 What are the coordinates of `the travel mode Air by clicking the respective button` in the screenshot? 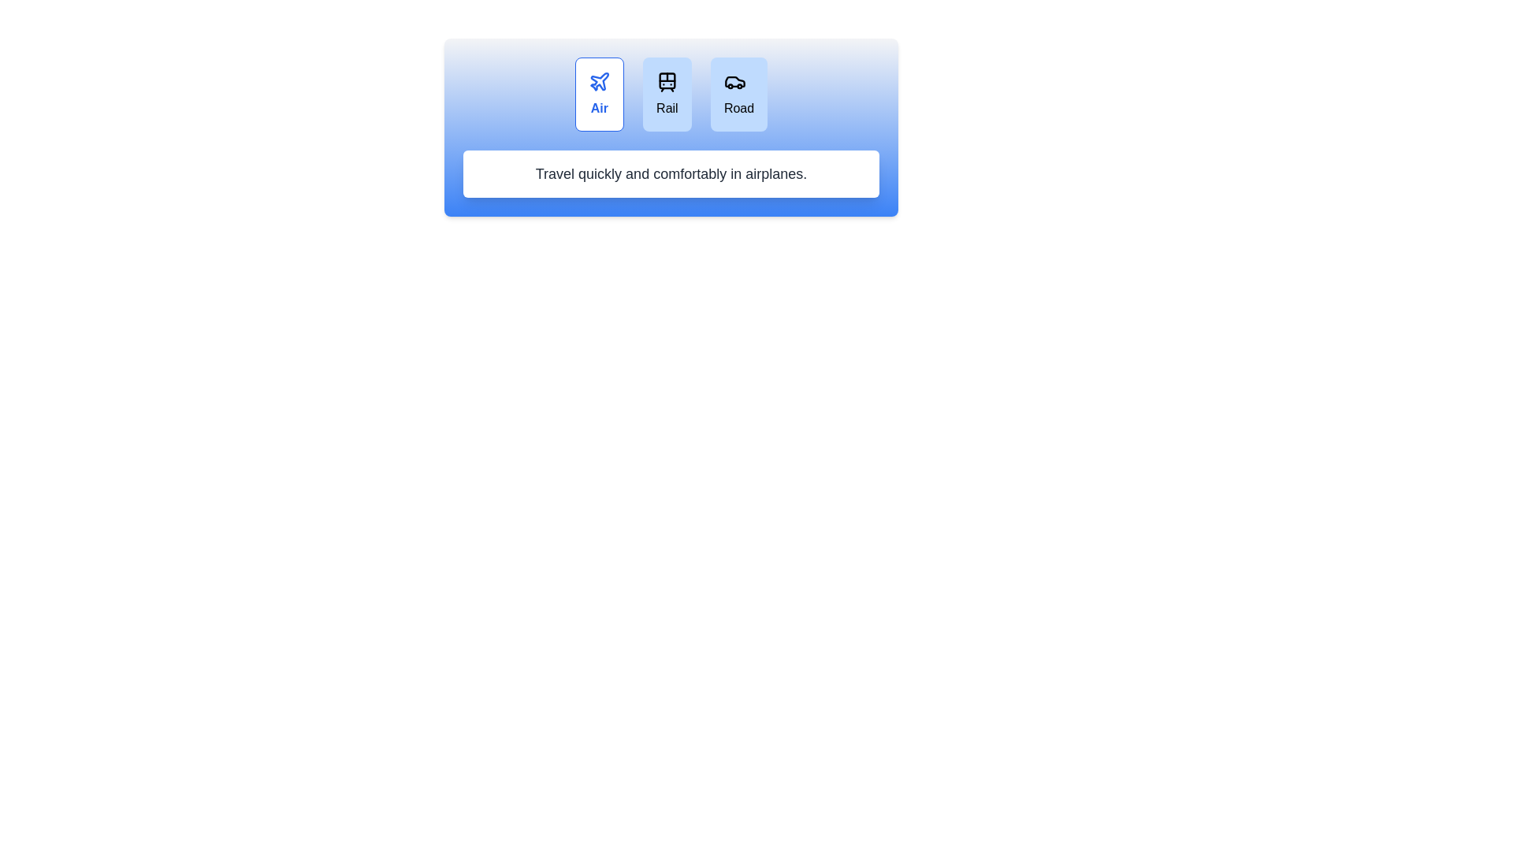 It's located at (598, 94).